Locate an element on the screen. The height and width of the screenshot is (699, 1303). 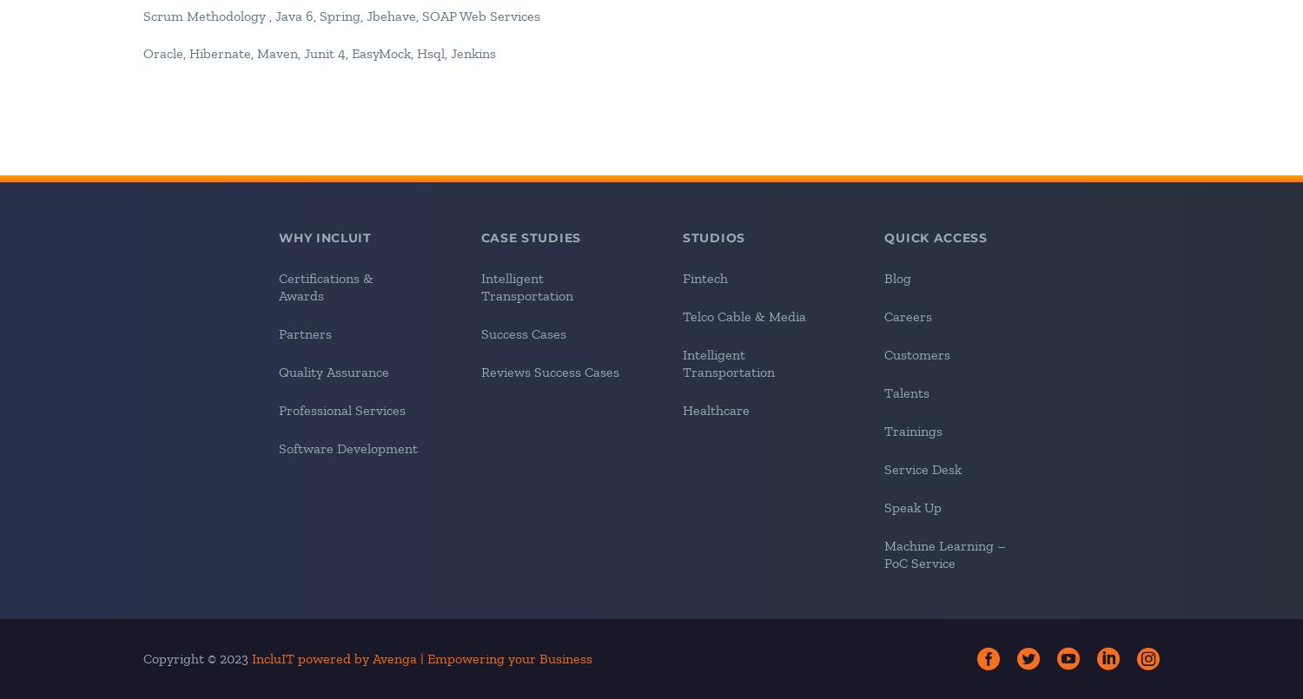
'Telco Cable & Media' is located at coordinates (743, 315).